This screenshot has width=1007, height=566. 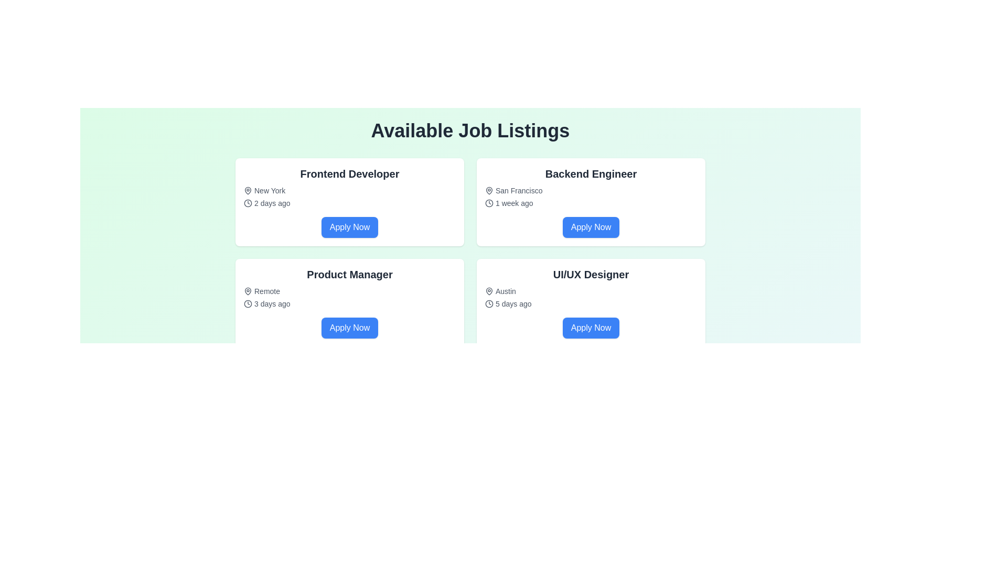 What do you see at coordinates (591, 227) in the screenshot?
I see `the button located at the bottom of the 'Backend Engineer' job listing card to initiate the application process` at bounding box center [591, 227].